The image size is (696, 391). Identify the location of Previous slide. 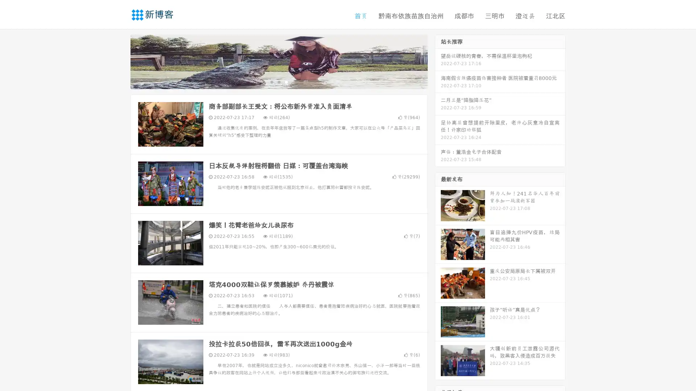
(120, 61).